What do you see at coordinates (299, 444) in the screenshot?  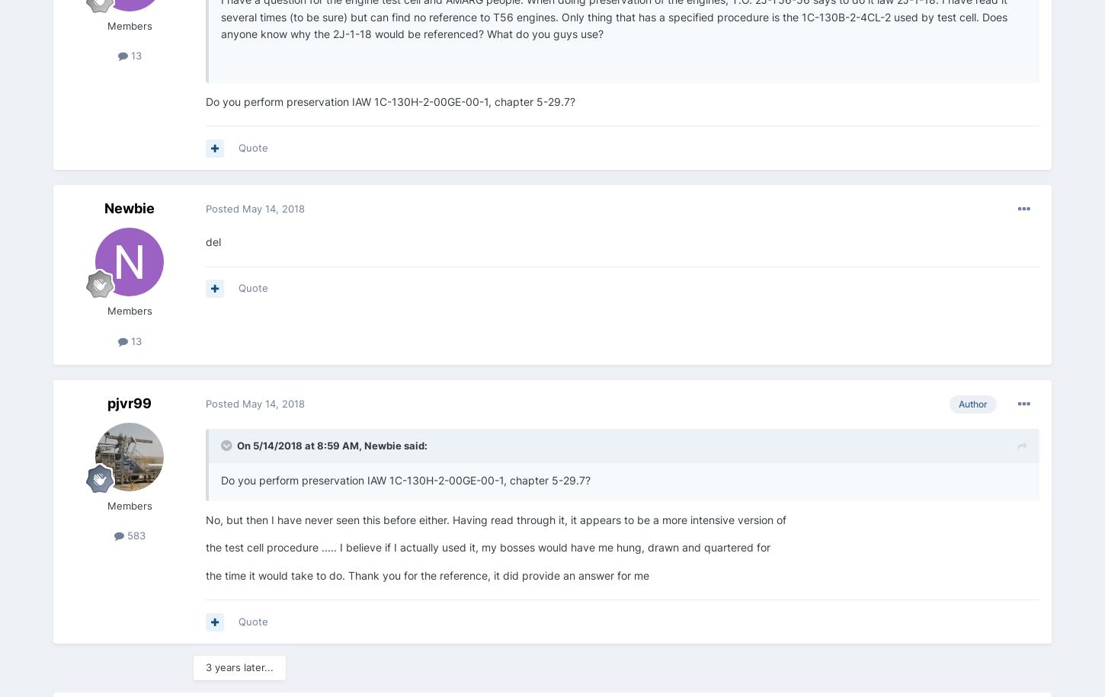 I see `'On 5/14/2018 at 8:59 AM,'` at bounding box center [299, 444].